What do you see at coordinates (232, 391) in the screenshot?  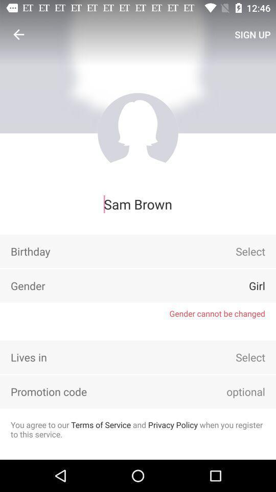 I see `the icon next to promotion code item` at bounding box center [232, 391].